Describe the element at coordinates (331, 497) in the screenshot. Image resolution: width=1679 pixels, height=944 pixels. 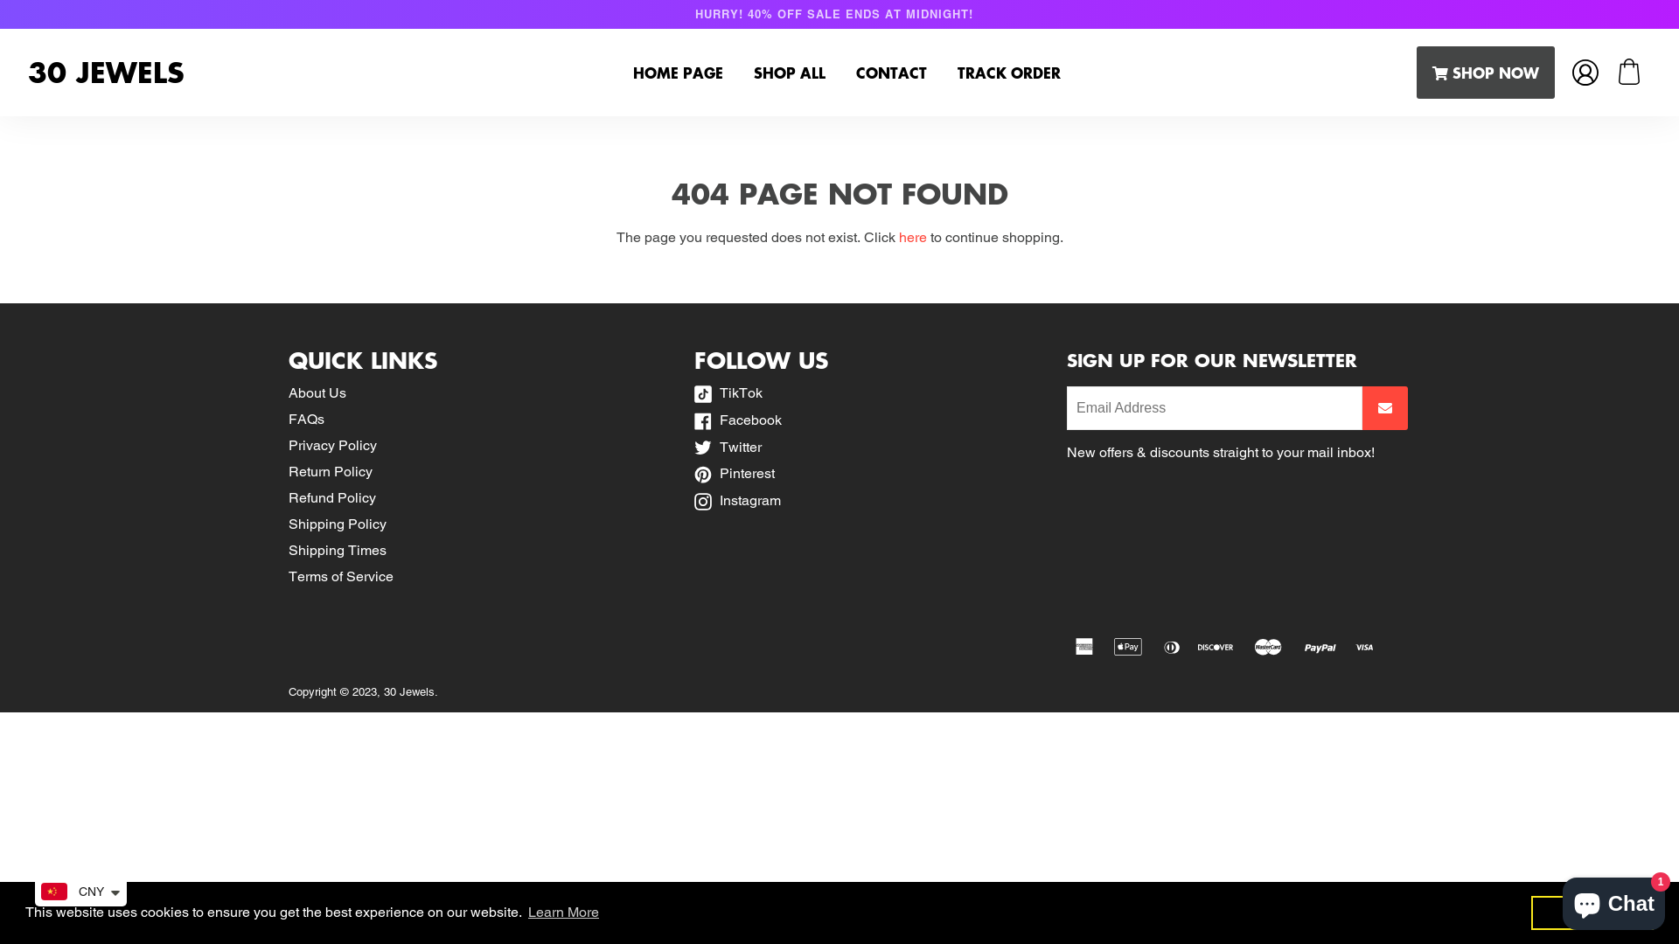
I see `'Refund Policy'` at that location.